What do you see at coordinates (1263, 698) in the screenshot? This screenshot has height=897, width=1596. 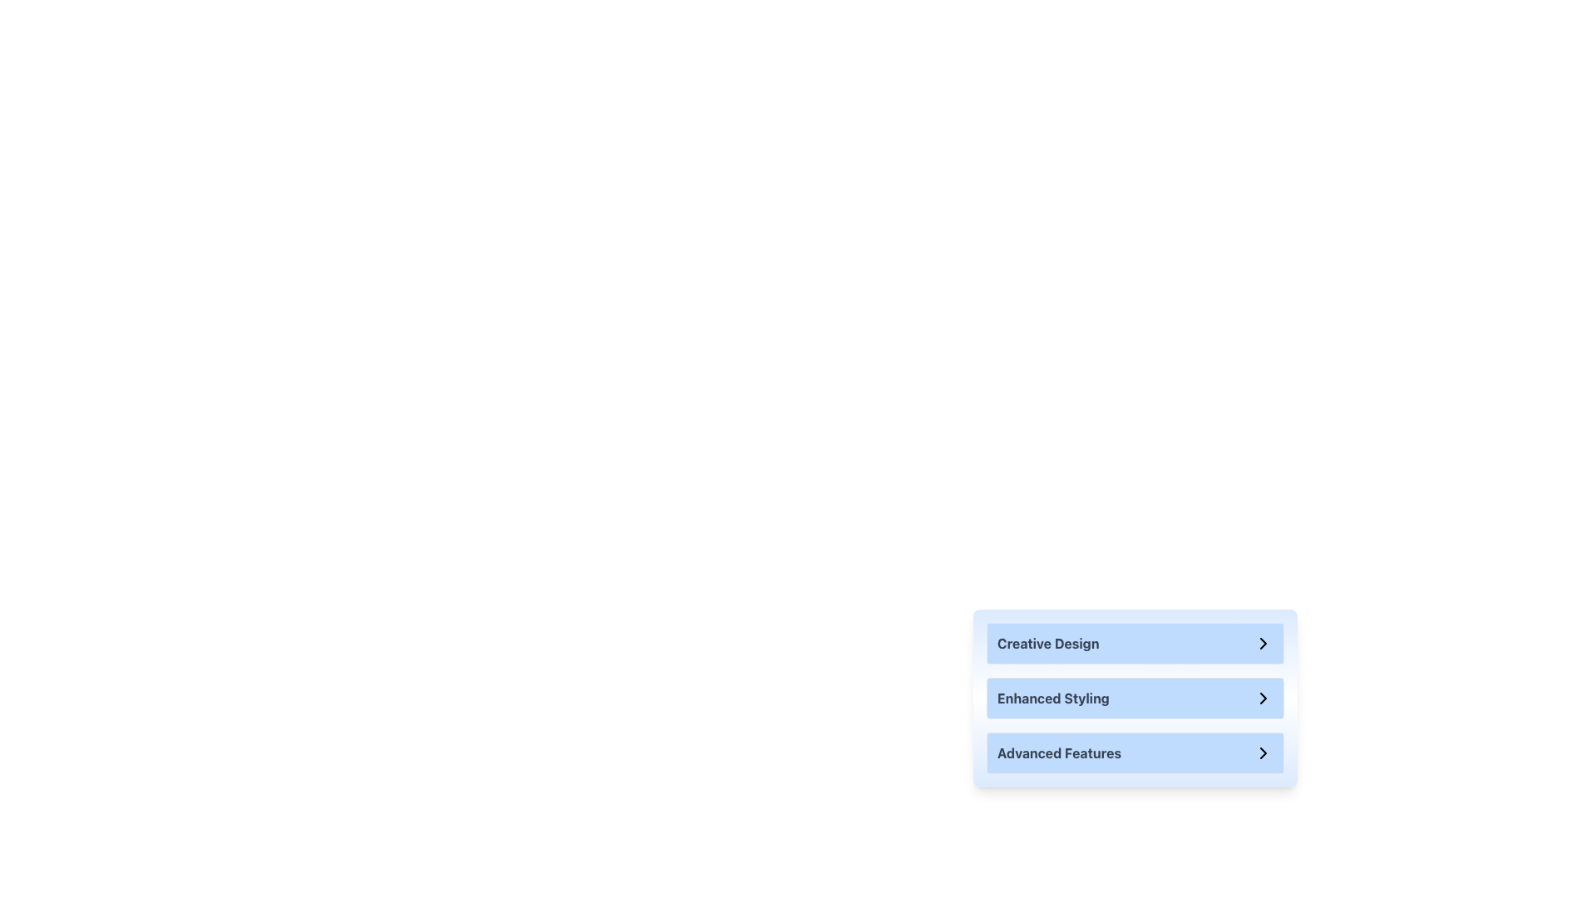 I see `the right-facing chevron icon located in the upper right corner of the 'Enhanced Styling' row` at bounding box center [1263, 698].